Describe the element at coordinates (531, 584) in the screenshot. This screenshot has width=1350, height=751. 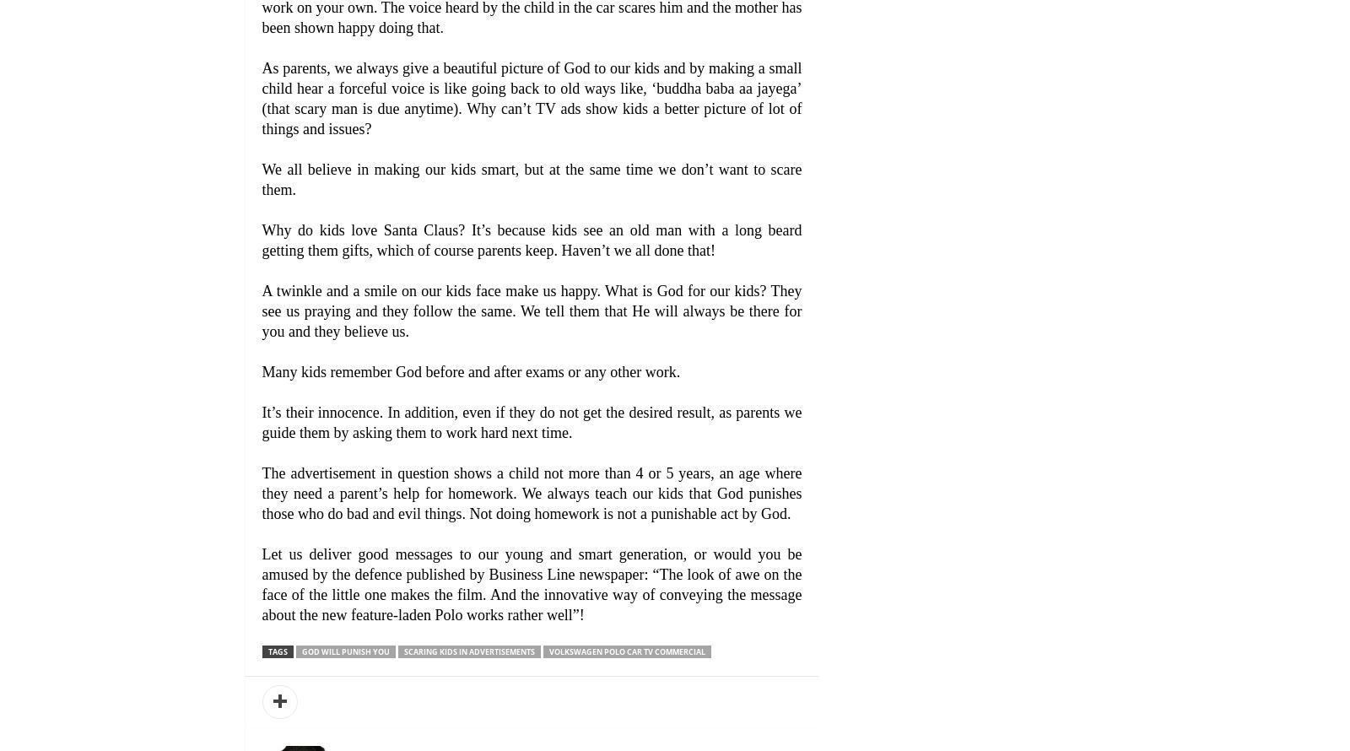
I see `'Let us deliver good messages to our young and smart generation, or would you be amused by the defence published by Business Line newspaper: “The look of awe on the face of the little one makes the film. And the innovative way of conveying the message about the new feature-laden Polo works rather well”!'` at that location.